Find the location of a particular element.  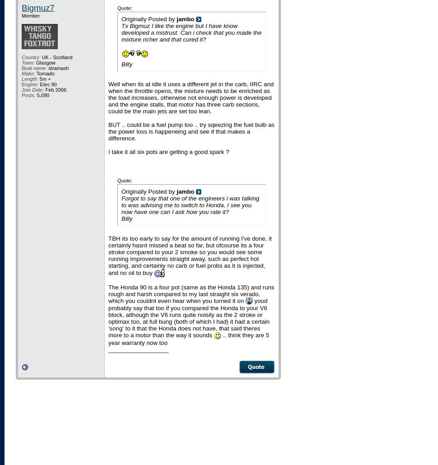

'TBH its too early to say for the amount of running I've done, it certainly hasnt missed a beat so far, but ofcourse its a four stroke compared to your 2 smoke so you would see some running improvements straight away, such as perfect hot starting, and certainly no carb or fuel probs as it is injected, and no oil to buy' is located at coordinates (190, 255).